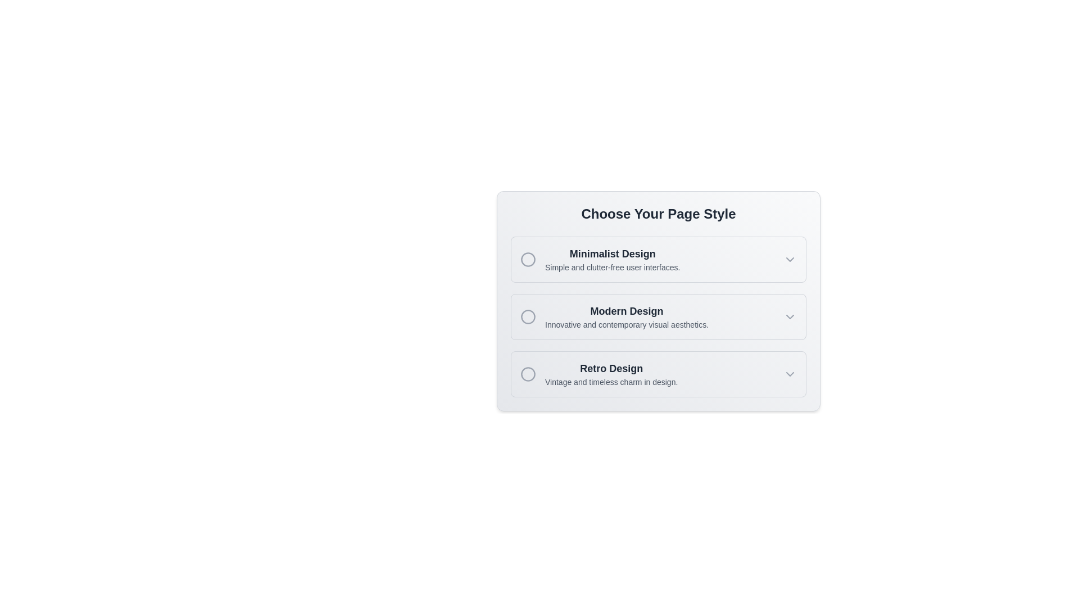 Image resolution: width=1079 pixels, height=607 pixels. Describe the element at coordinates (600, 260) in the screenshot. I see `the first design option in the vertically stacked list under the 'Choose Your Page Style' header` at that location.